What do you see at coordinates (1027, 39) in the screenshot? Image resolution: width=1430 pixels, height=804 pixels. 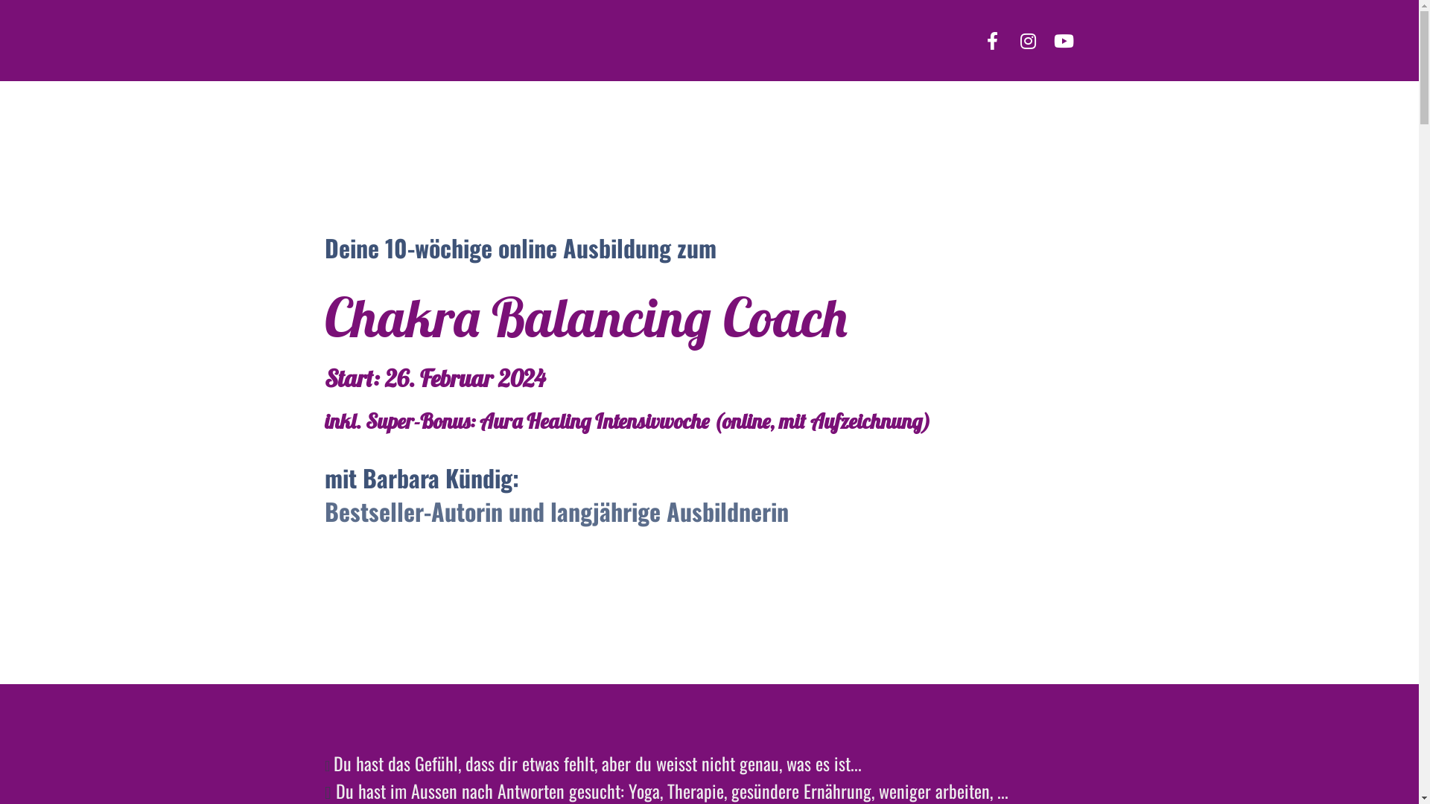 I see `'Share on Instagram'` at bounding box center [1027, 39].